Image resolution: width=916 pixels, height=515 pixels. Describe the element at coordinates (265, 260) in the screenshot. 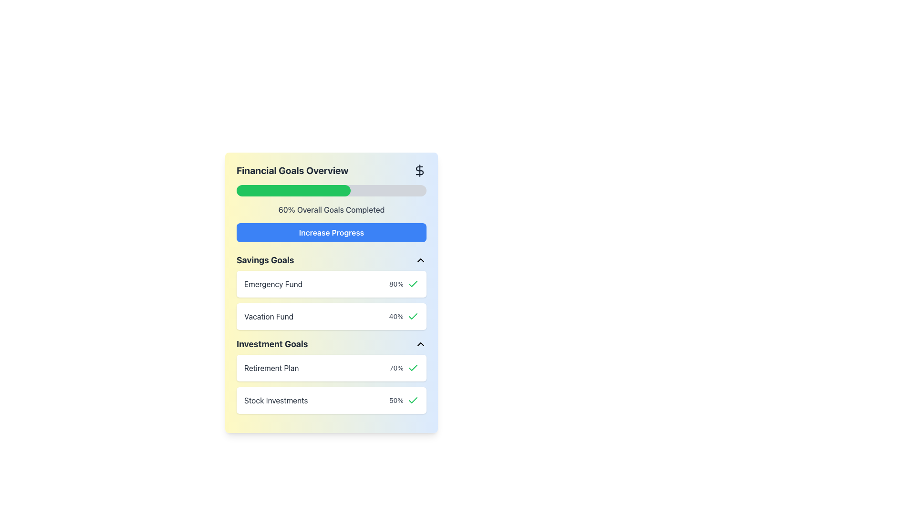

I see `the text element labeled 'Savings Goals', which is styled in bold and located in the upper-middle section of the interface, beneath the 'Increase Progress' button` at that location.